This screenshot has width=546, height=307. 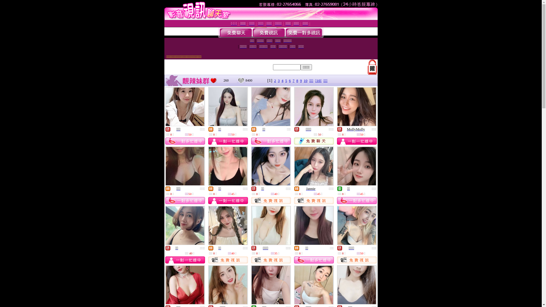 What do you see at coordinates (293, 80) in the screenshot?
I see `'7'` at bounding box center [293, 80].